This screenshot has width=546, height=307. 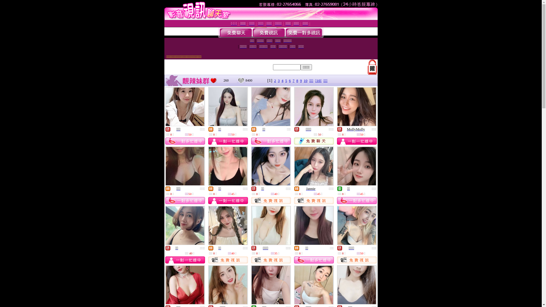 What do you see at coordinates (293, 80) in the screenshot?
I see `'7'` at bounding box center [293, 80].